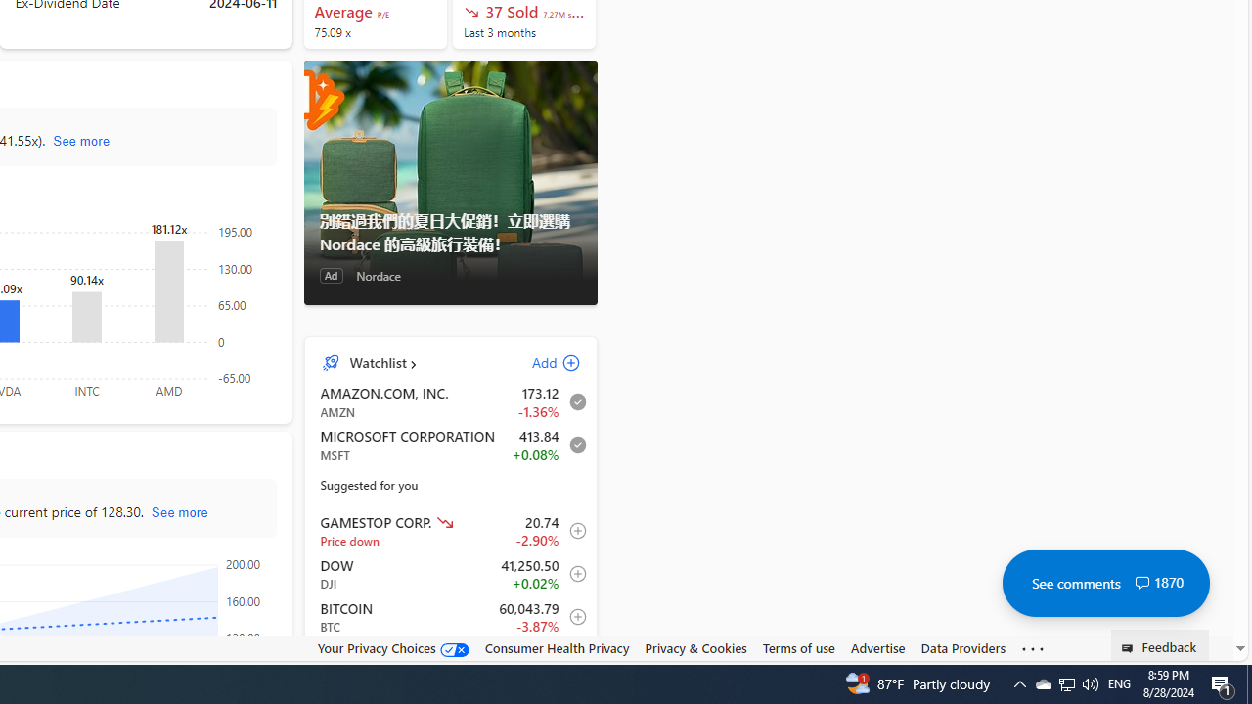  I want to click on 'Add', so click(539, 362).